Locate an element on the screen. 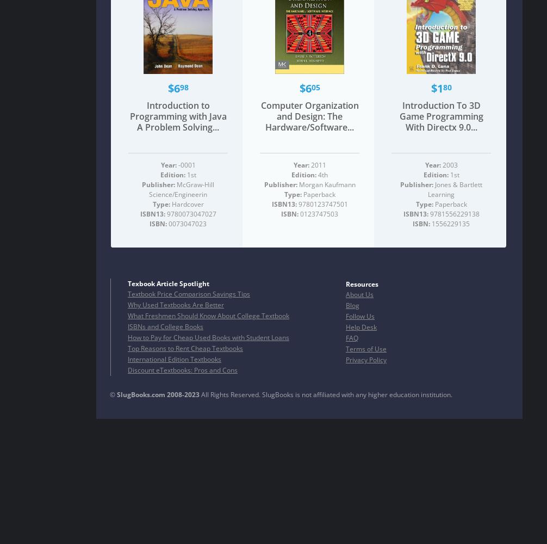 The width and height of the screenshot is (547, 544). '0073047023' is located at coordinates (186, 224).